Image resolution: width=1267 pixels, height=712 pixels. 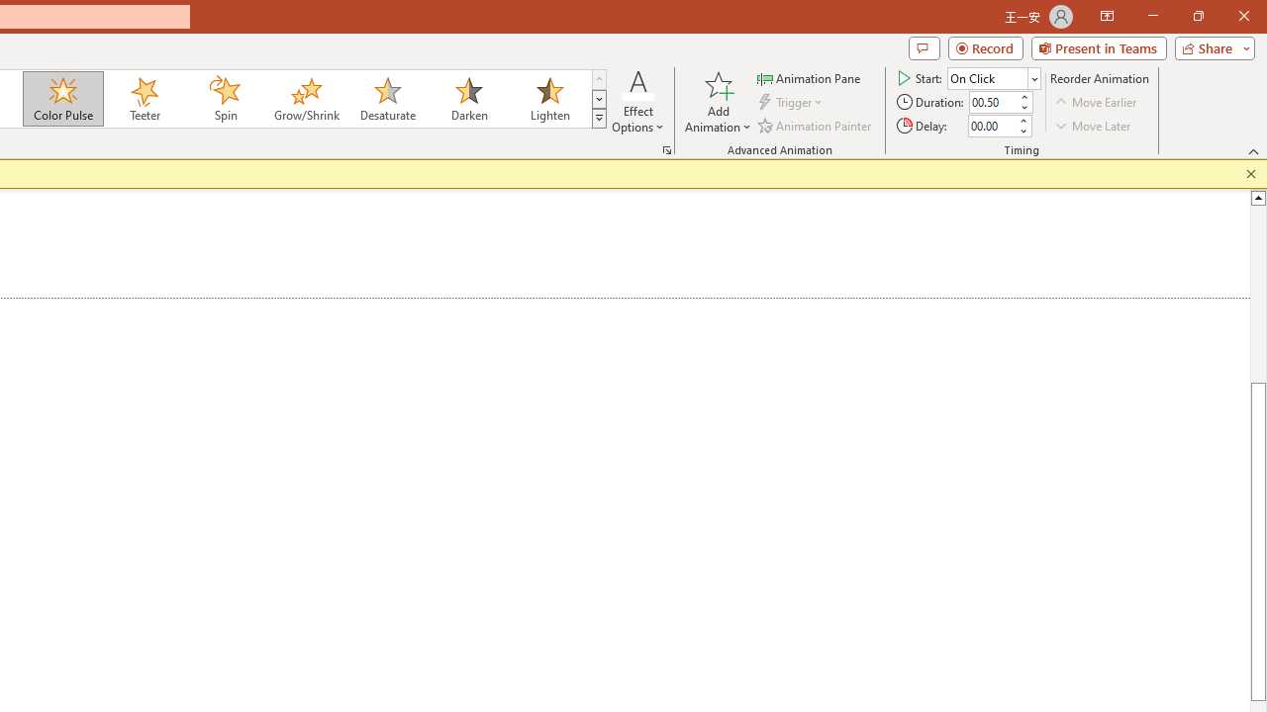 I want to click on 'Trigger', so click(x=792, y=102).